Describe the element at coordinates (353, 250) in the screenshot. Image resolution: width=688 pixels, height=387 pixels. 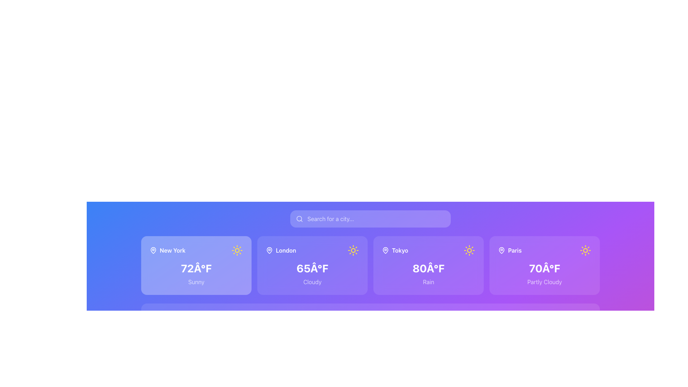
I see `the sun icon located within the 'London' card, which has a circular center with radiating rays and is colored yellow on a light background` at that location.